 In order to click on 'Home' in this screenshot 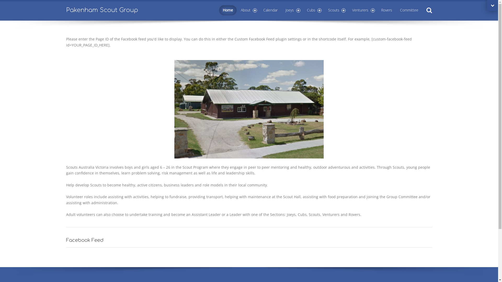, I will do `click(228, 10)`.